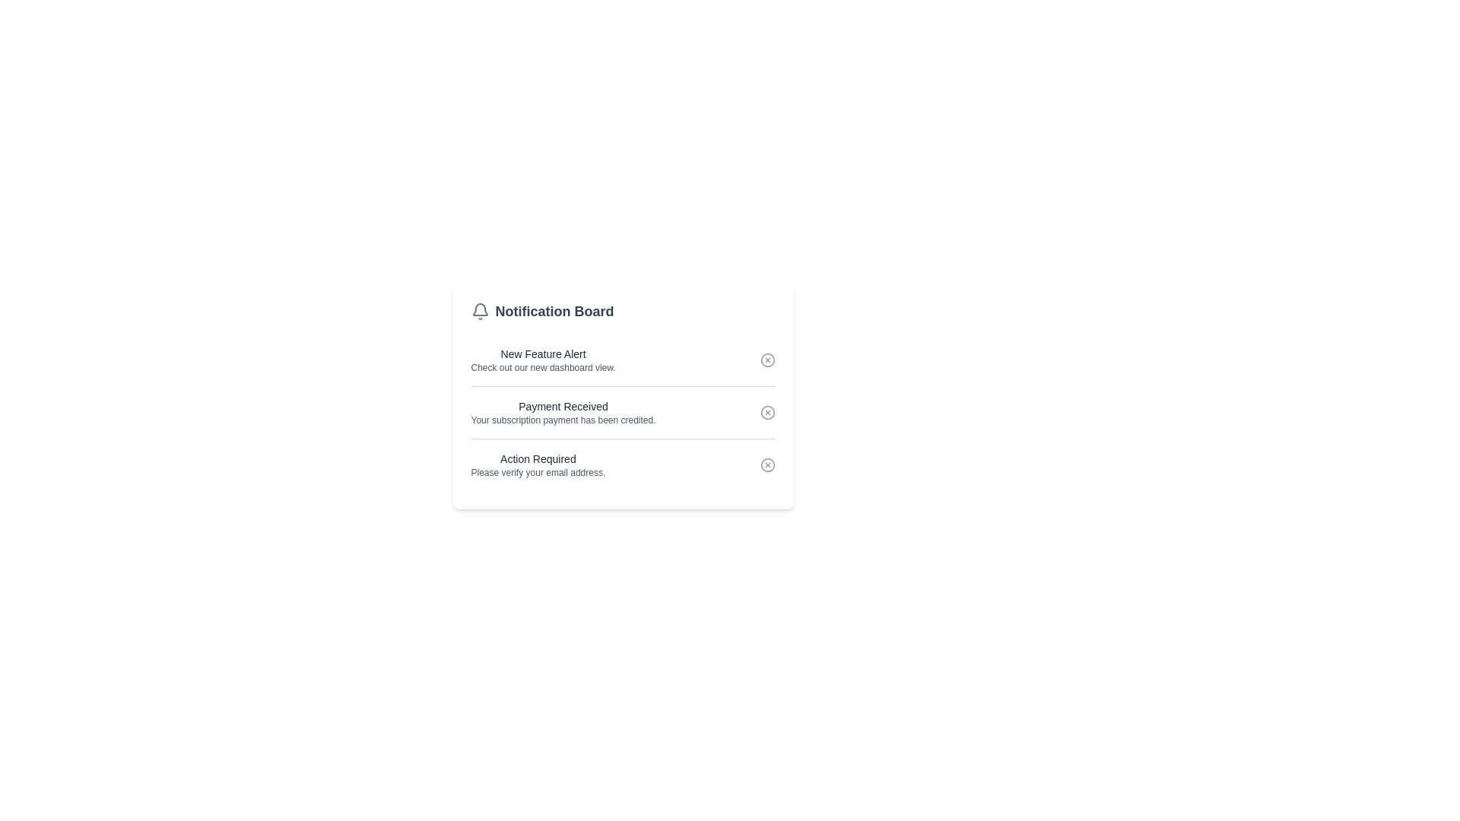 The image size is (1460, 821). What do you see at coordinates (767, 464) in the screenshot?
I see `the dismiss button located in the last notification row titled 'Action Required'` at bounding box center [767, 464].